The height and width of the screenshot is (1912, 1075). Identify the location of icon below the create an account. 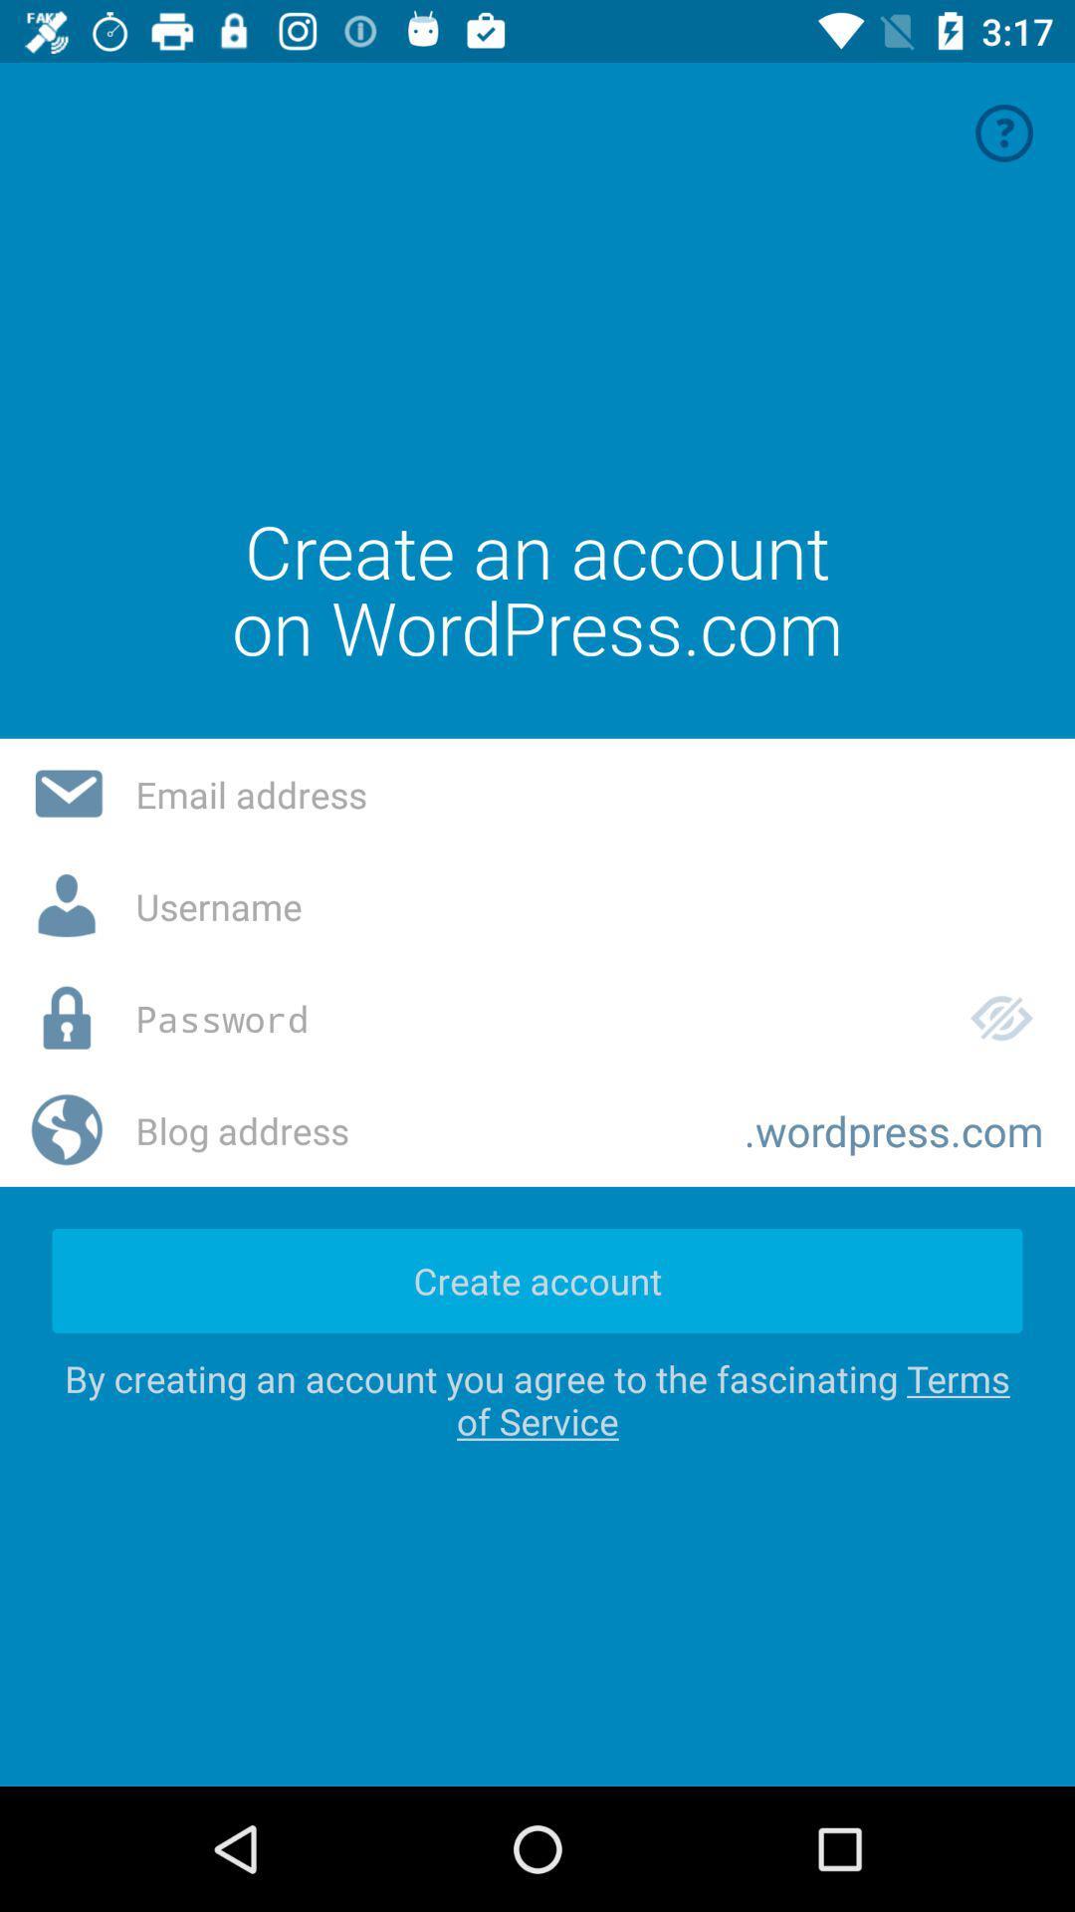
(588, 793).